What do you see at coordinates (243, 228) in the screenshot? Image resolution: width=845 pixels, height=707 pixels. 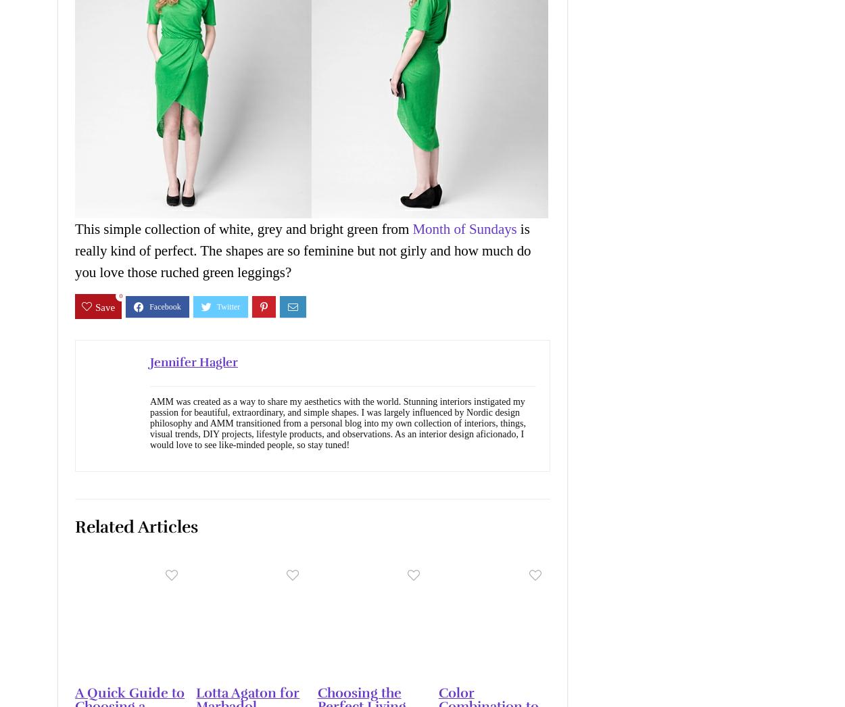 I see `'This simple collection of white, grey and bright green from'` at bounding box center [243, 228].